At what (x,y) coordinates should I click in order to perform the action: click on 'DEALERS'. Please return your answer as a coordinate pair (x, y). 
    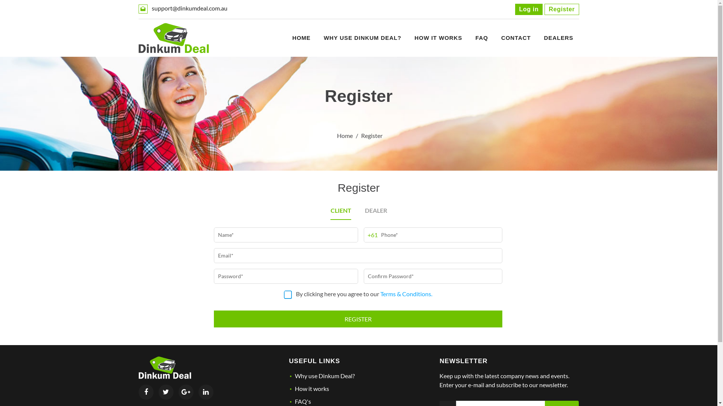
    Looking at the image, I should click on (558, 38).